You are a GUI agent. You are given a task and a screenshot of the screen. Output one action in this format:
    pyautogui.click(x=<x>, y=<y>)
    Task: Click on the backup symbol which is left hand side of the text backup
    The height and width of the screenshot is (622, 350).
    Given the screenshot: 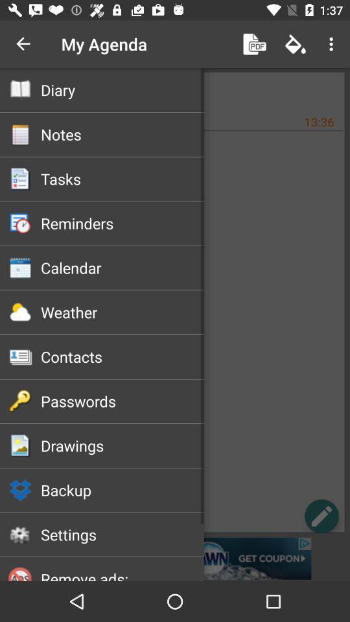 What is the action you would take?
    pyautogui.click(x=20, y=489)
    